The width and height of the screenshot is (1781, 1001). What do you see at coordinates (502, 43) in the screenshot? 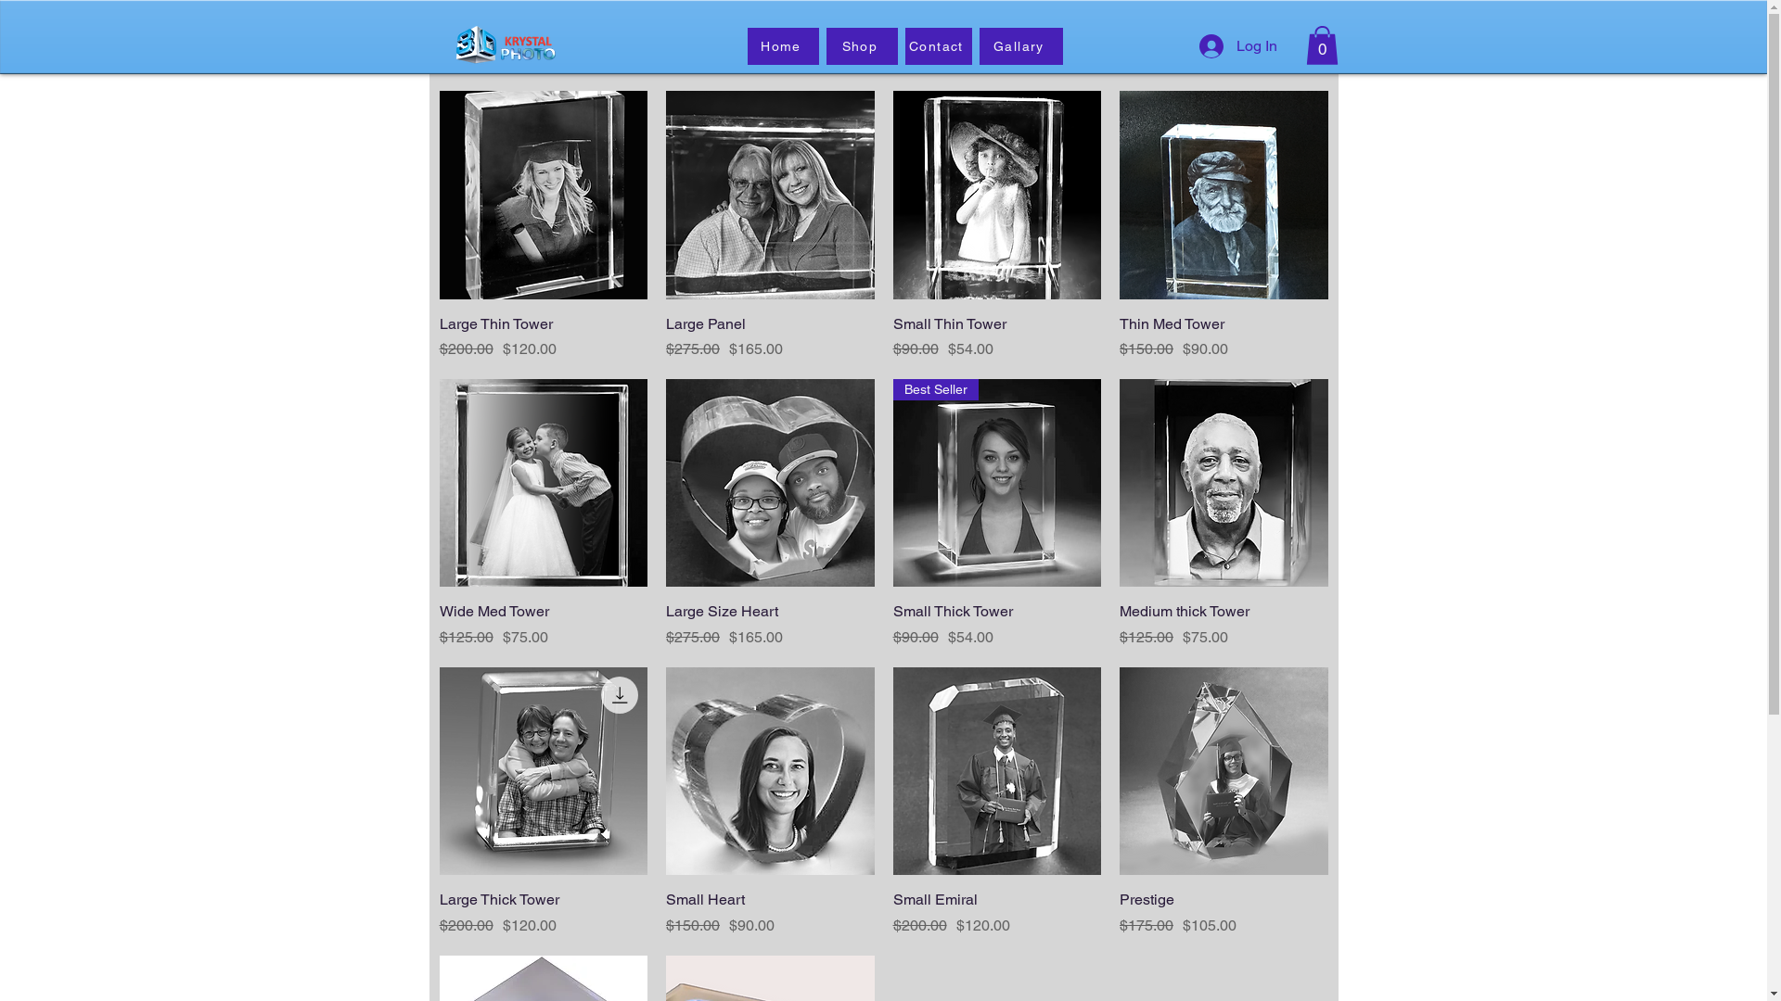
I see `'3D Logo-1.png'` at bounding box center [502, 43].